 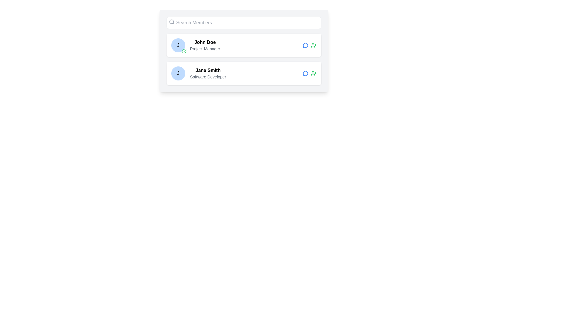 I want to click on the static text label displaying 'Software Developer', which is located directly below 'Jane Smith' and aligned to the left within the second user list entry, so click(x=208, y=76).